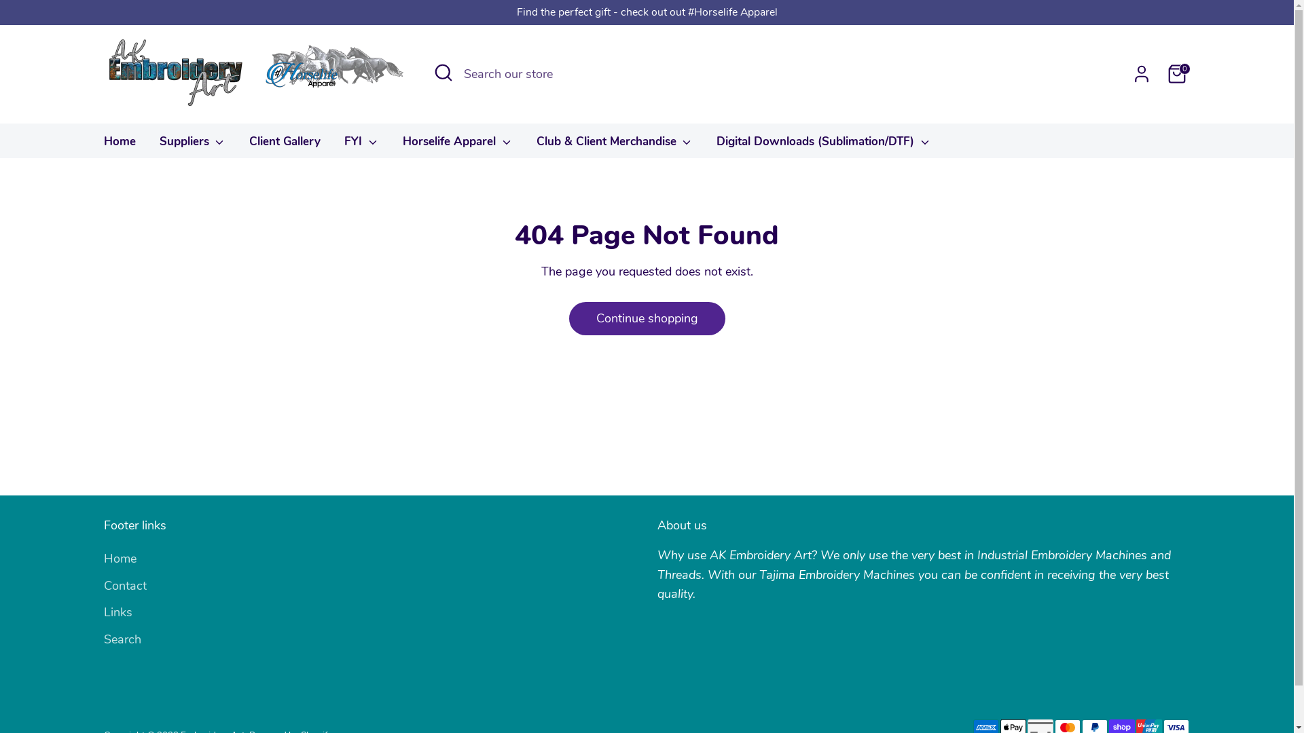 The image size is (1304, 733). What do you see at coordinates (120, 146) in the screenshot?
I see `'Home'` at bounding box center [120, 146].